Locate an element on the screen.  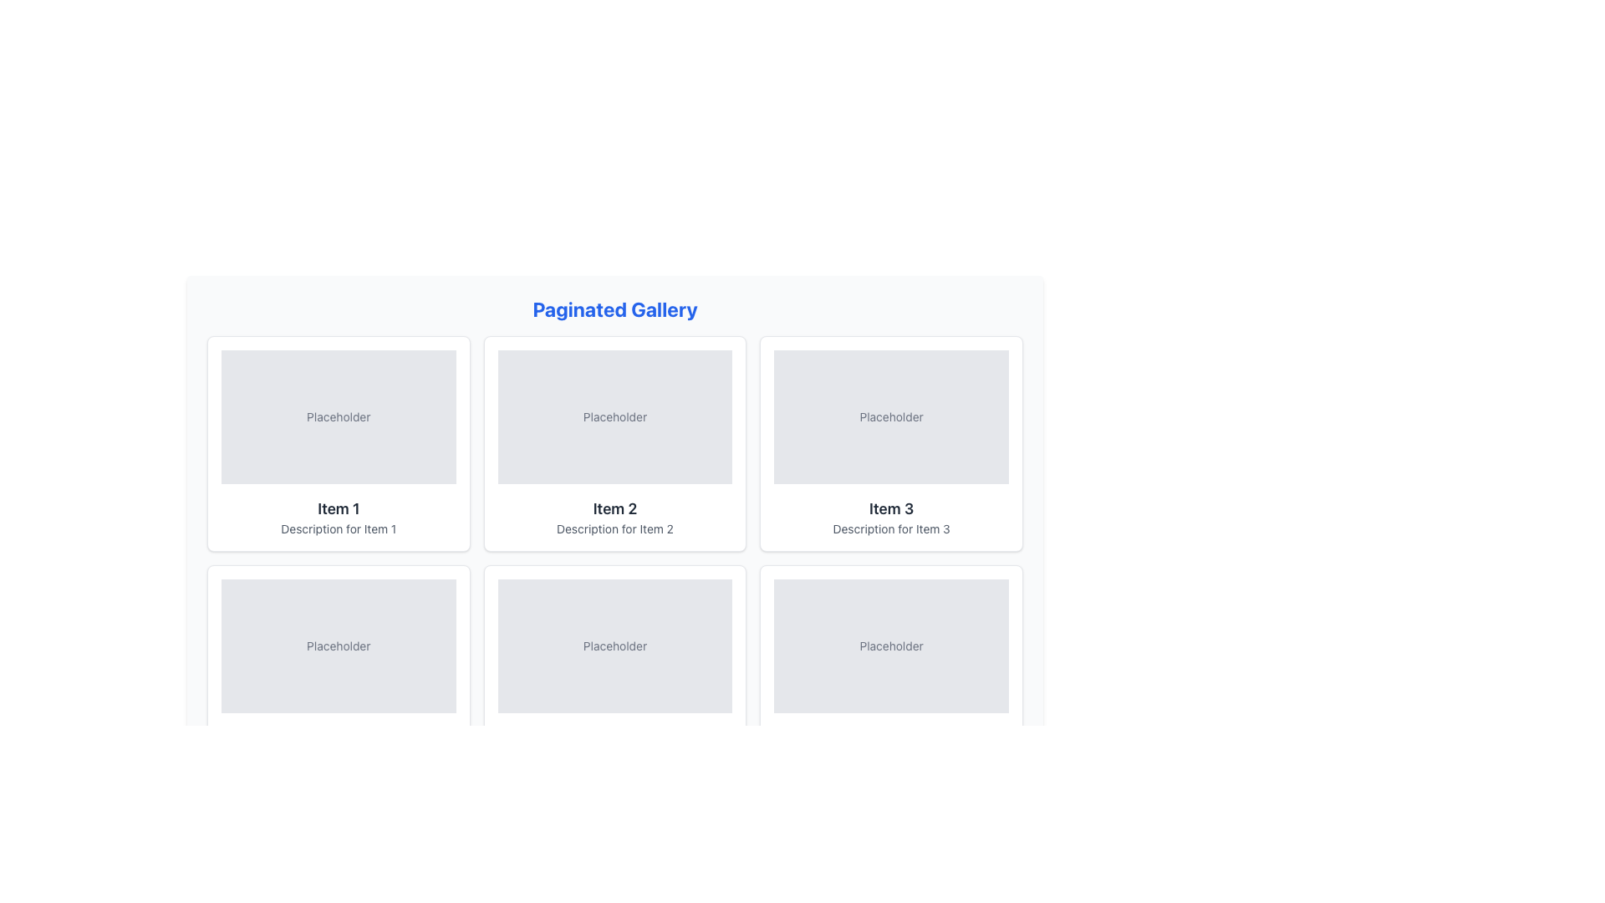
current page indicator from the pagination control, which displays 'Page 1 of 5' located at the bottom of the gallery interface is located at coordinates (614, 824).